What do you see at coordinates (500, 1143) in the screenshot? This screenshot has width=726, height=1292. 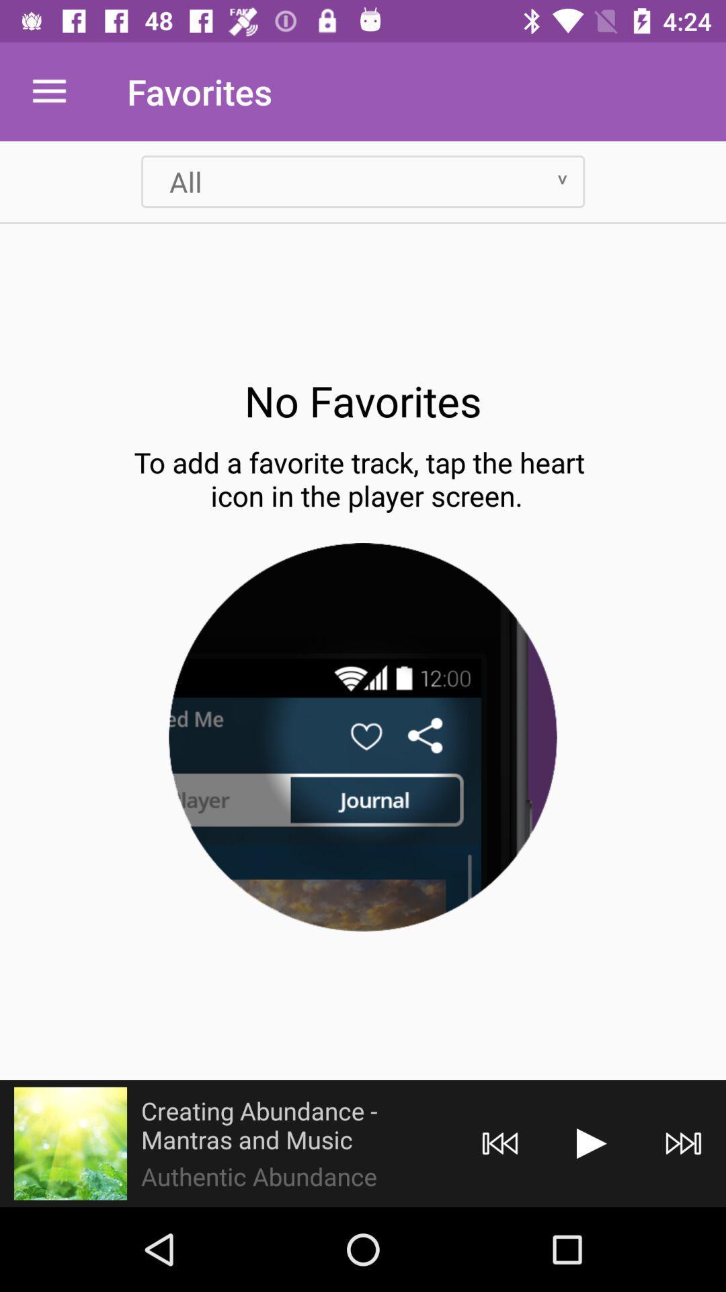 I see `previous song` at bounding box center [500, 1143].